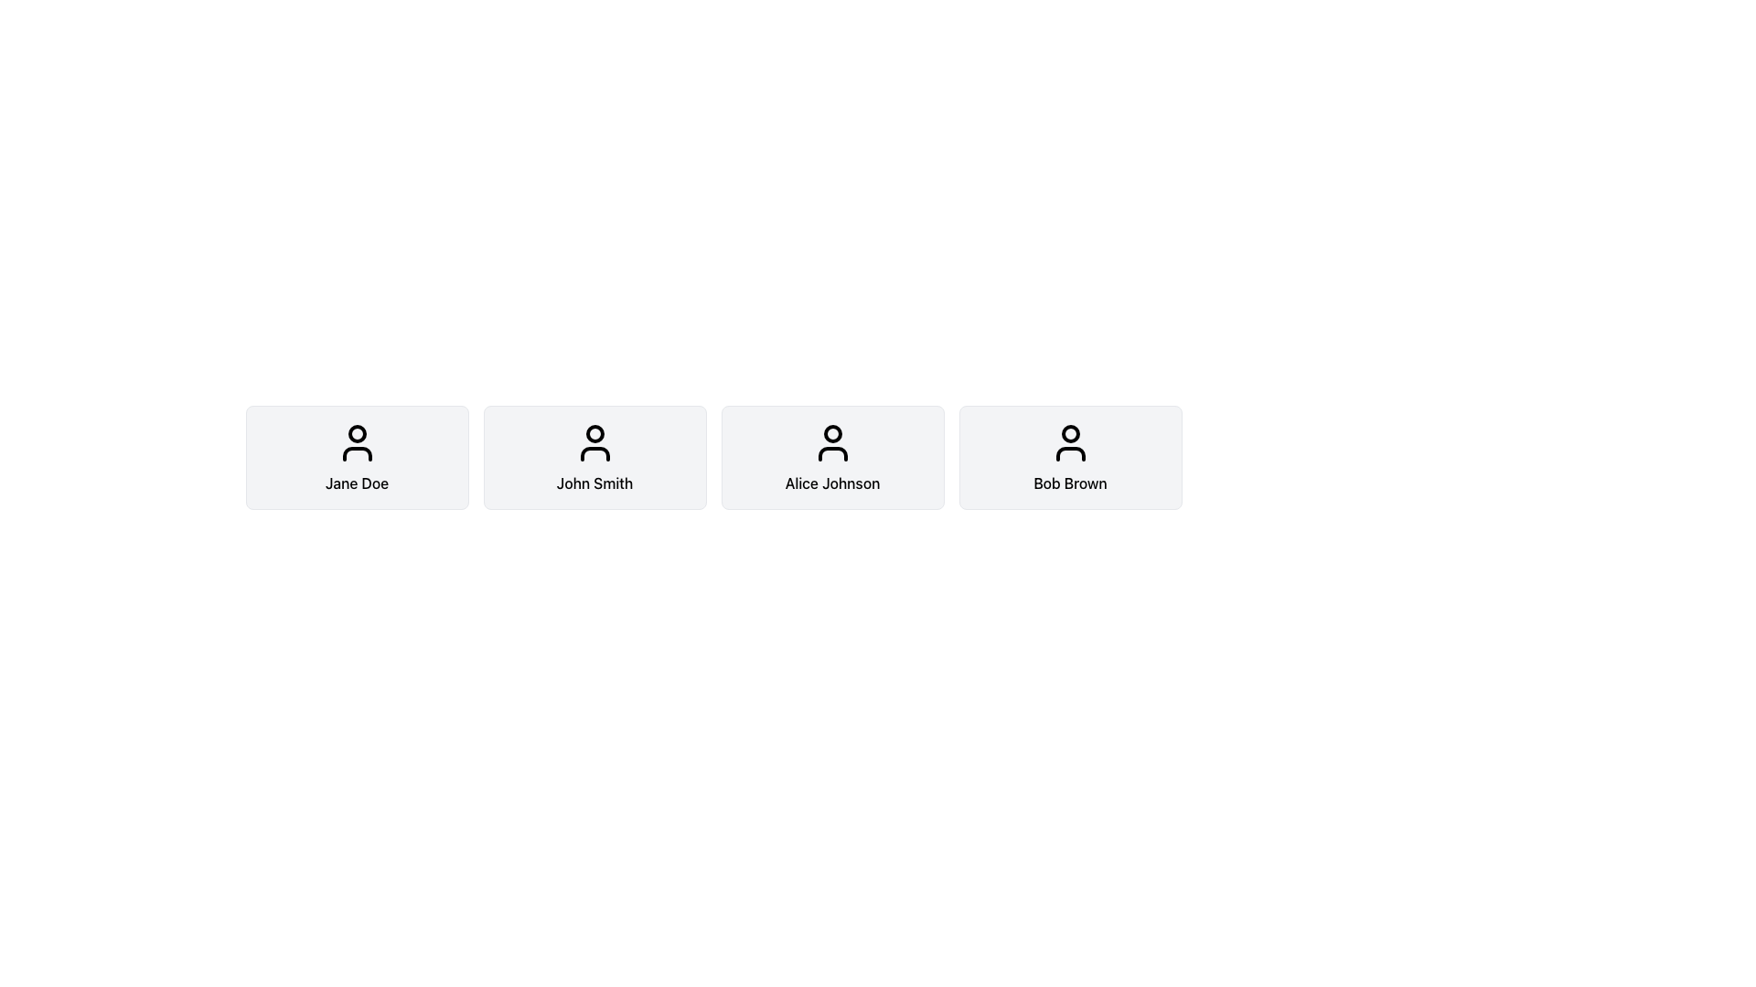  Describe the element at coordinates (1070, 453) in the screenshot. I see `the torso portion of the user profile icon for 'Bob Brown', located in the fourth card from the left` at that location.